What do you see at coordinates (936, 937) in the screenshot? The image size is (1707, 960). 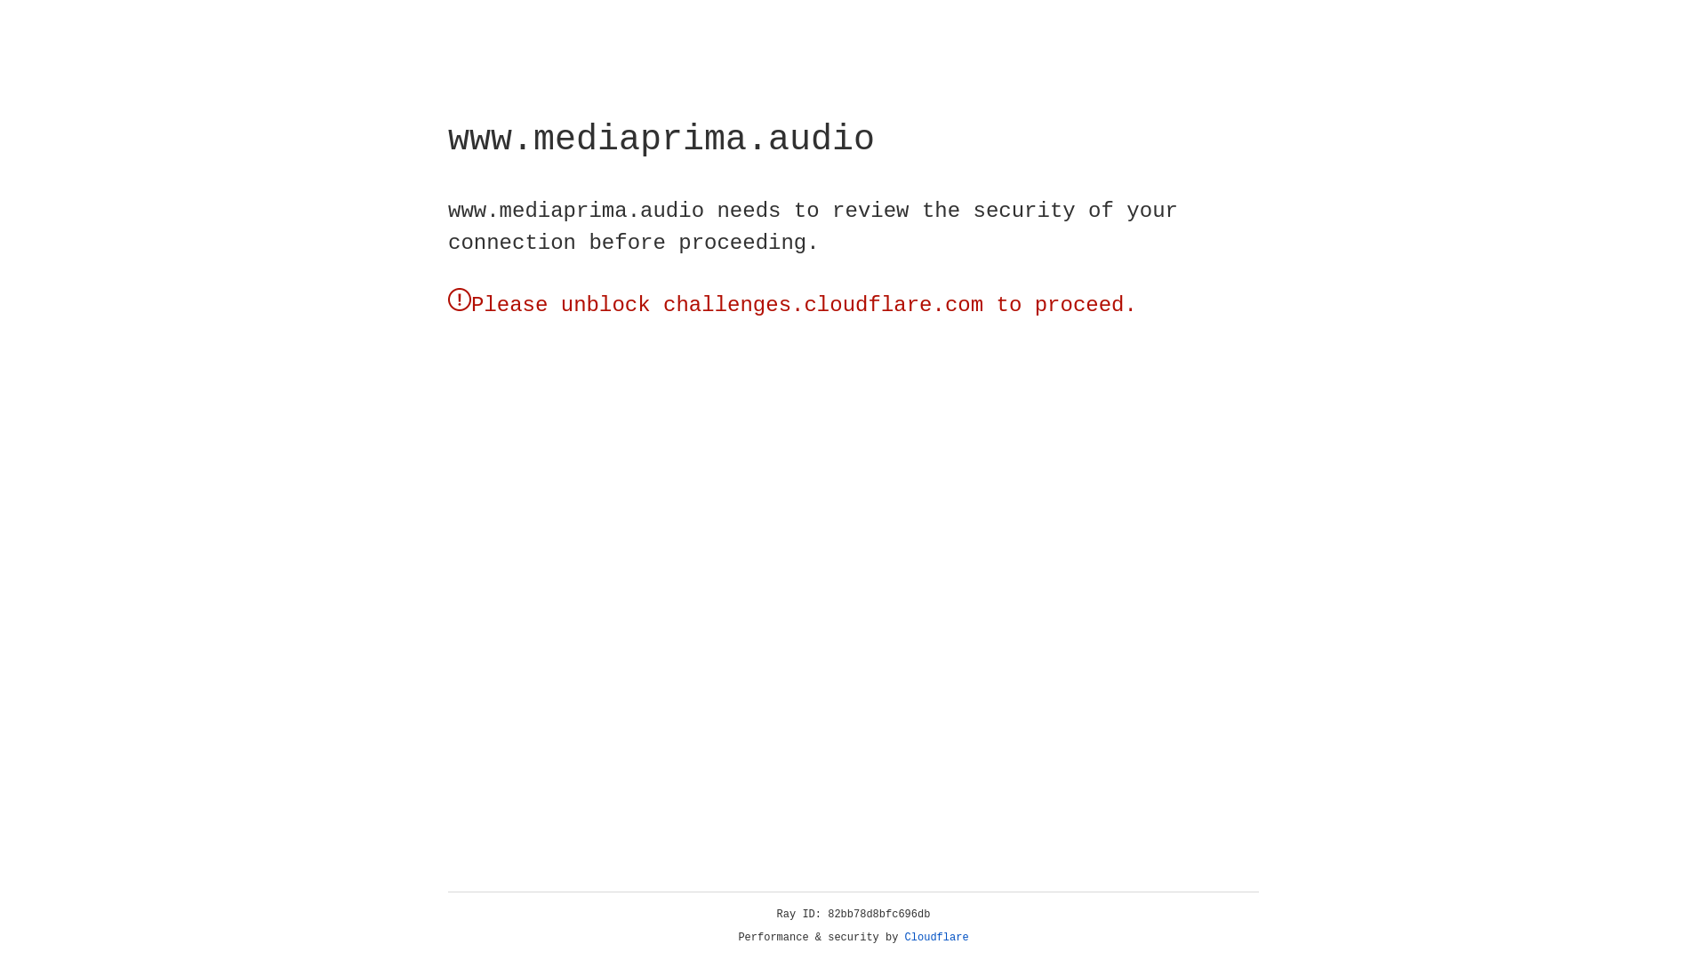 I see `'Cloudflare'` at bounding box center [936, 937].